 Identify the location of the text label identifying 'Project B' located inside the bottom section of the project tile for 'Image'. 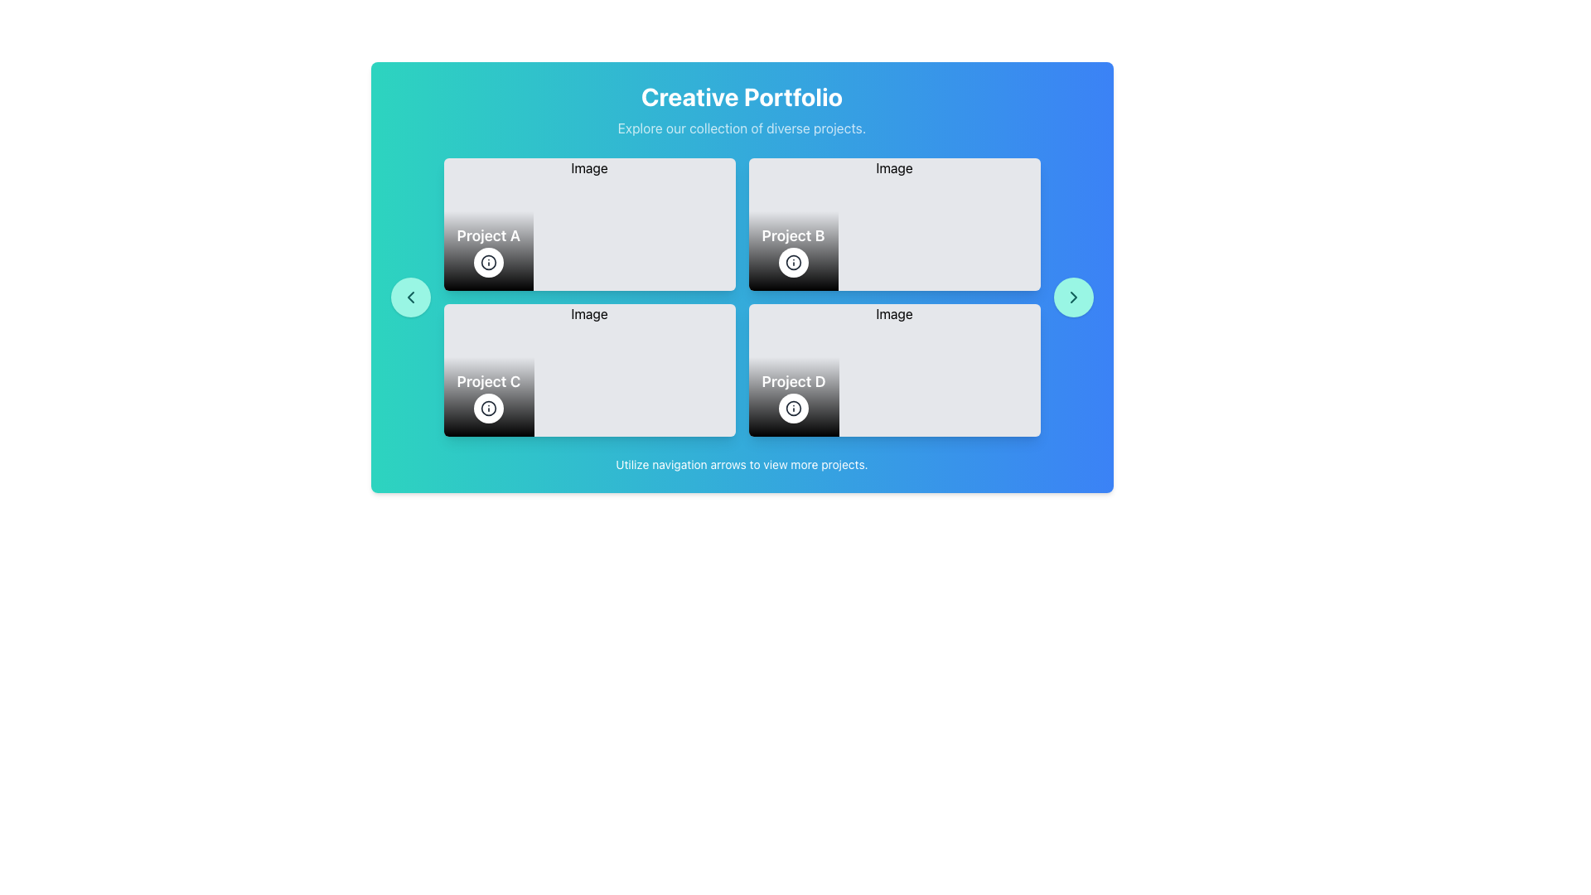
(792, 236).